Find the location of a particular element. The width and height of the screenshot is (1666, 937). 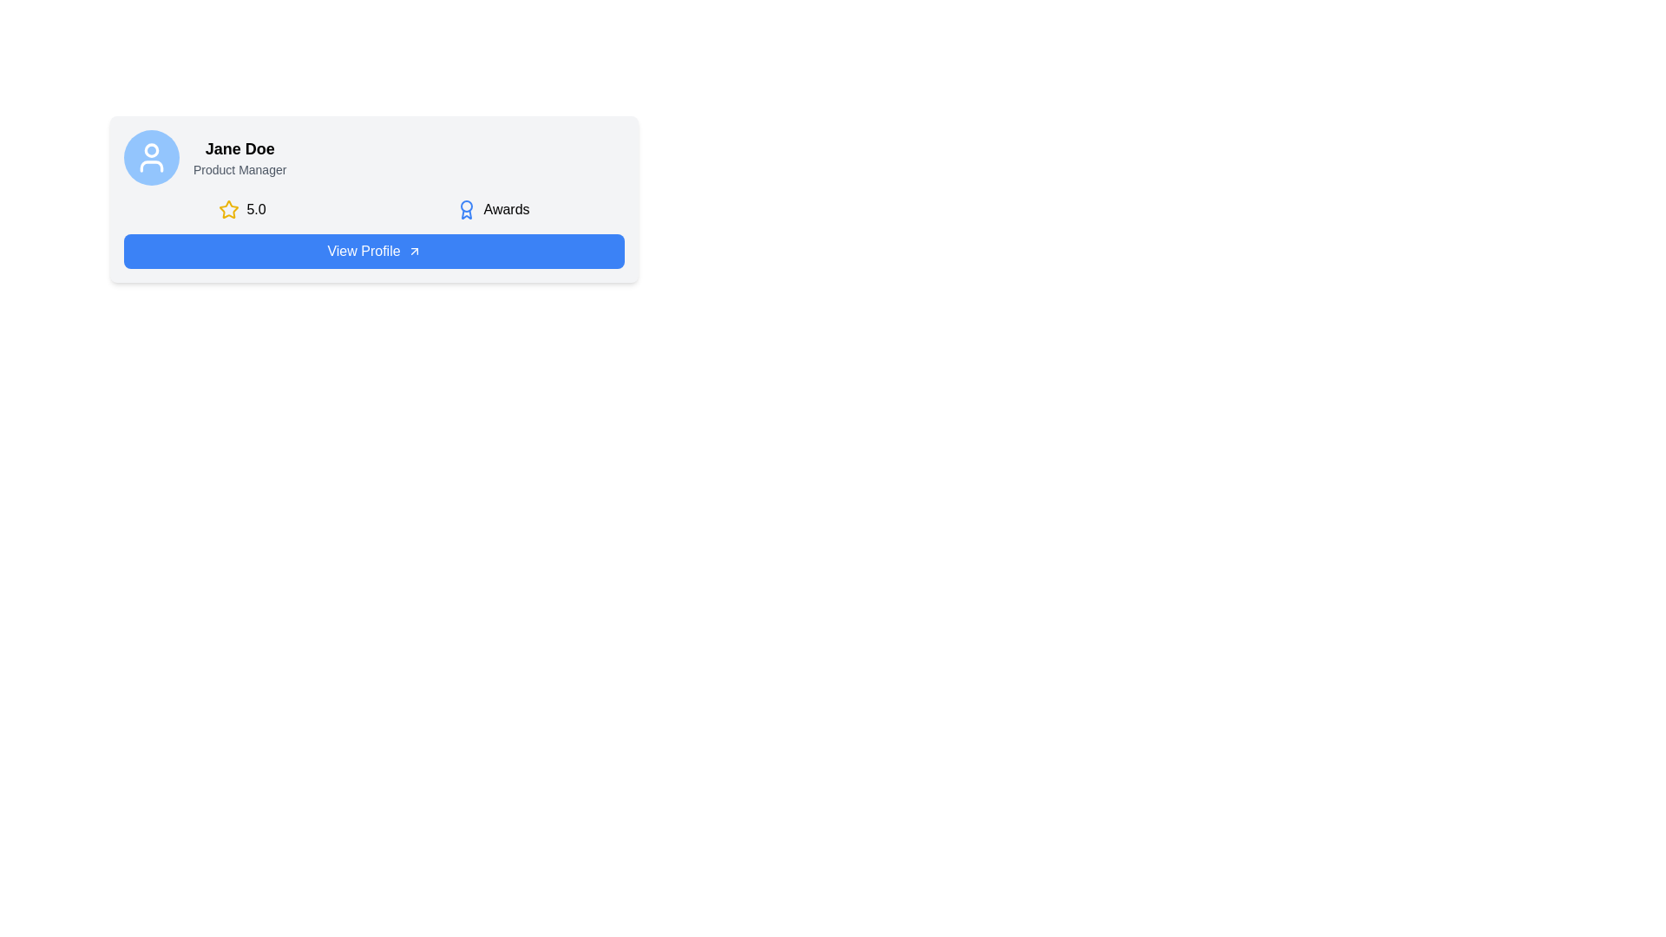

the star icon representing a rating of 5.0, styled with a yellow border and no fill, located in the card layout is located at coordinates (228, 208).